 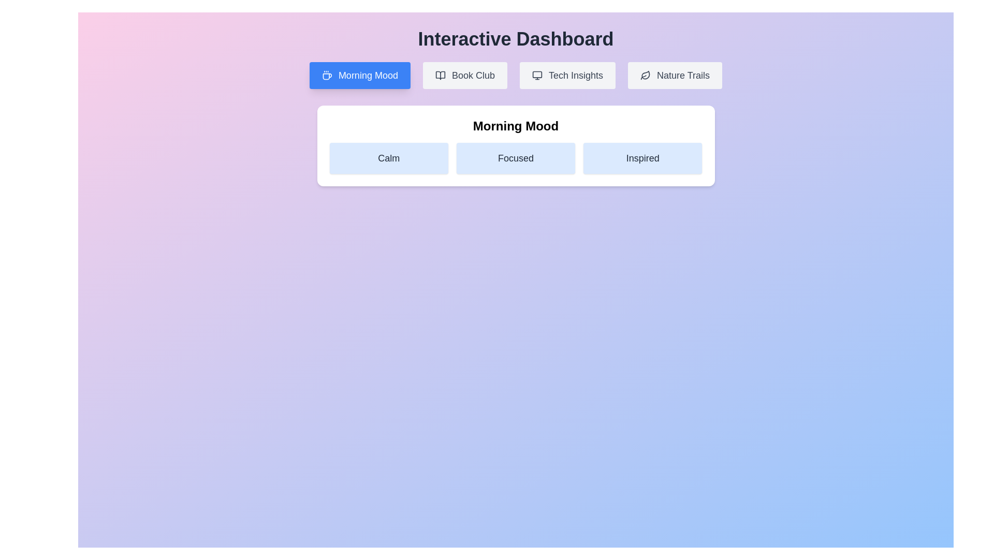 I want to click on the 'Focused' static text label, which is centrally aligned within the 'Morning Mood' section and displayed in a large font, so click(x=516, y=158).